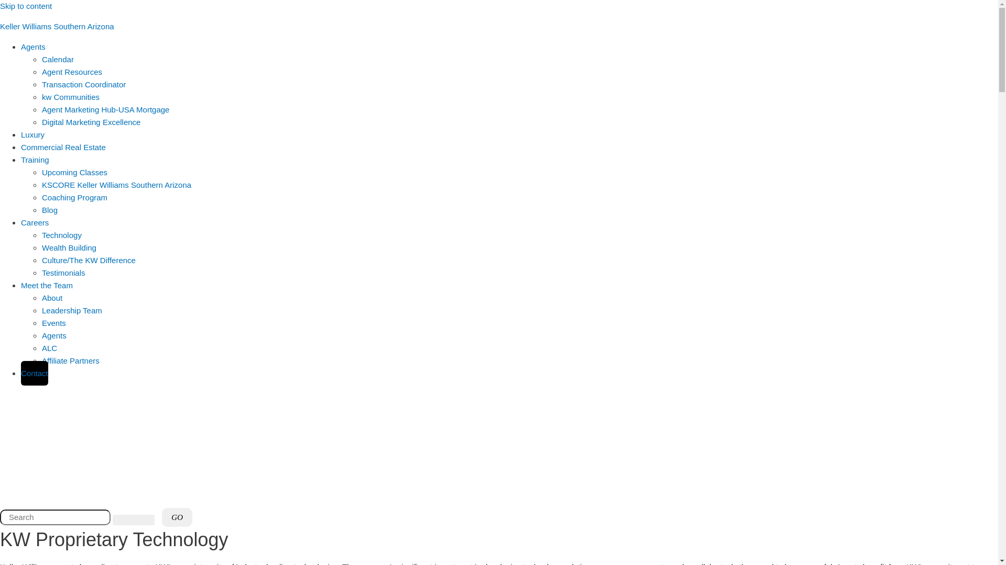  Describe the element at coordinates (32, 134) in the screenshot. I see `'Luxury'` at that location.